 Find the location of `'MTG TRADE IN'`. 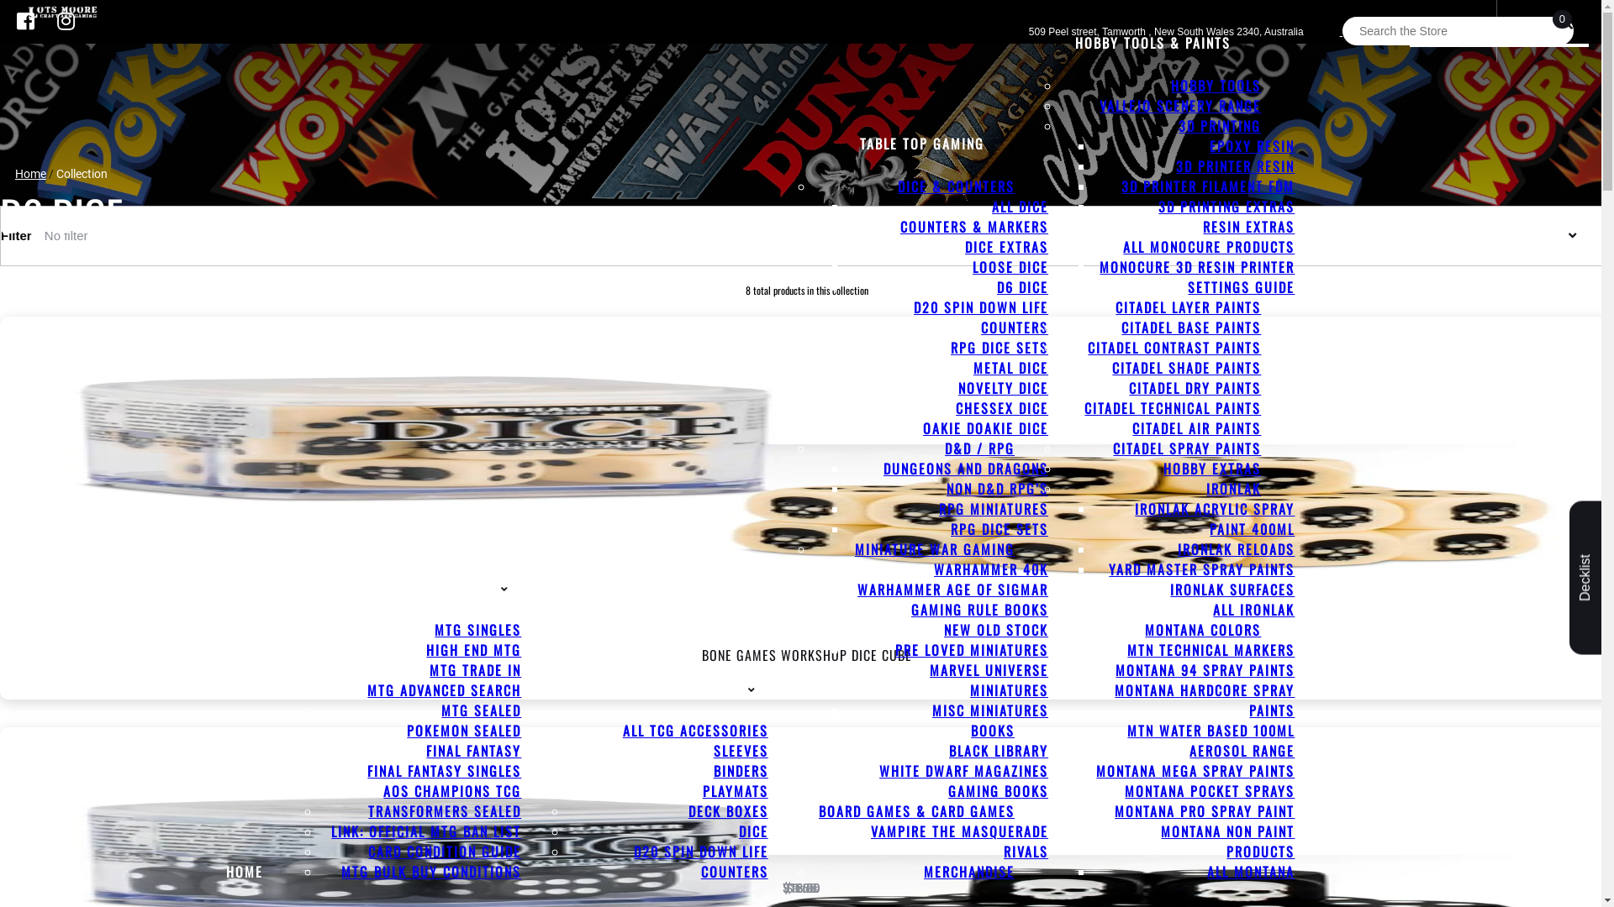

'MTG TRADE IN' is located at coordinates (474, 669).